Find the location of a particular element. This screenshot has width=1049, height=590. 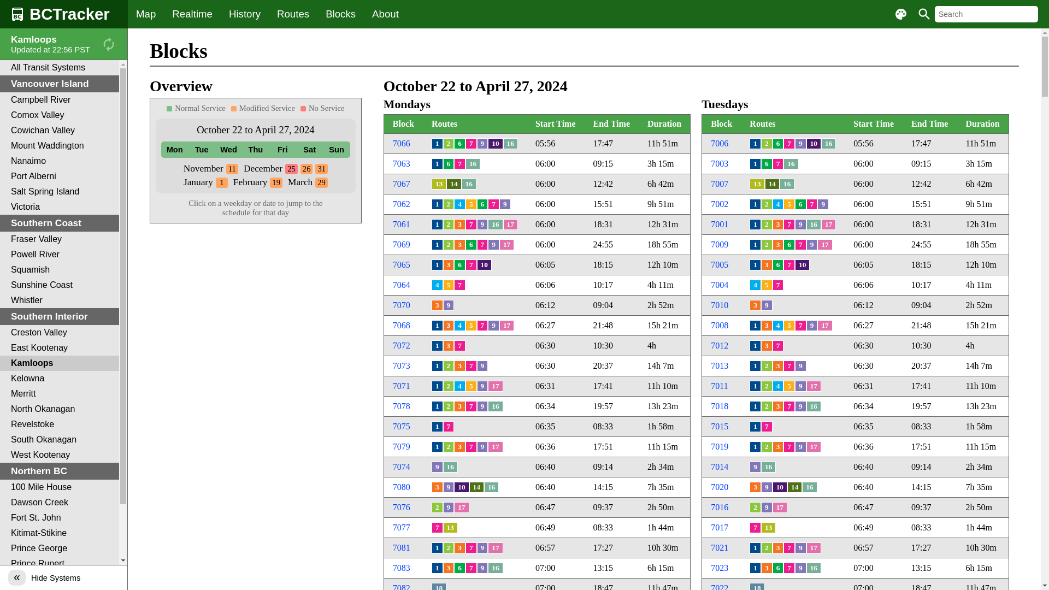

'7010' is located at coordinates (710, 305).